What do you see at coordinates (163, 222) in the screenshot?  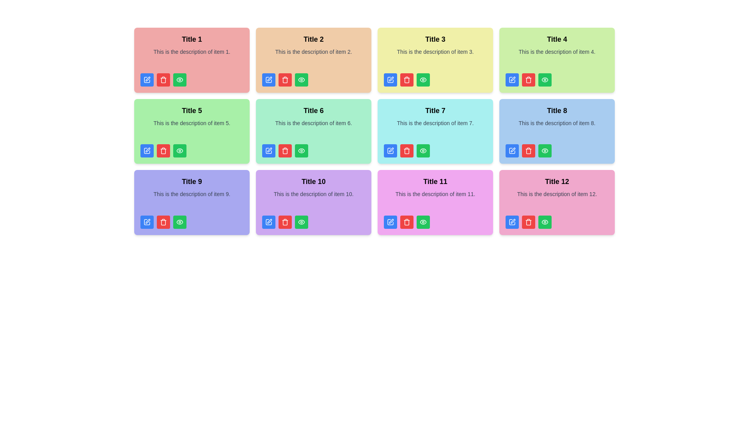 I see `the delete icon located as the second icon from the left in the bottom row of interactive buttons within the card titled 'Title 9' to initiate the delete function` at bounding box center [163, 222].